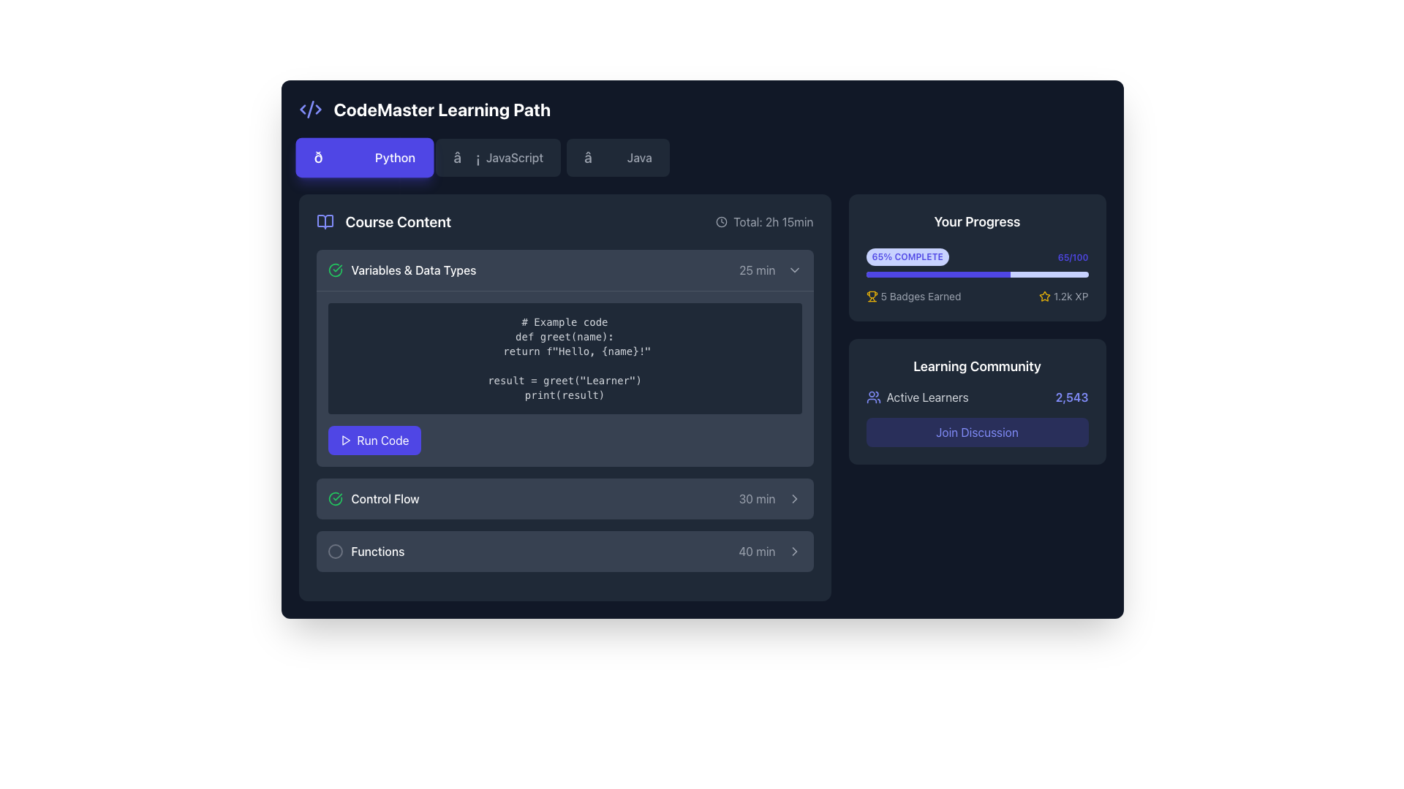 Image resolution: width=1404 pixels, height=789 pixels. What do you see at coordinates (757, 270) in the screenshot?
I see `the text label displaying '25 min' in the header section of the collapsible content card under 'Variables & Data Types' in 'Course Content'` at bounding box center [757, 270].